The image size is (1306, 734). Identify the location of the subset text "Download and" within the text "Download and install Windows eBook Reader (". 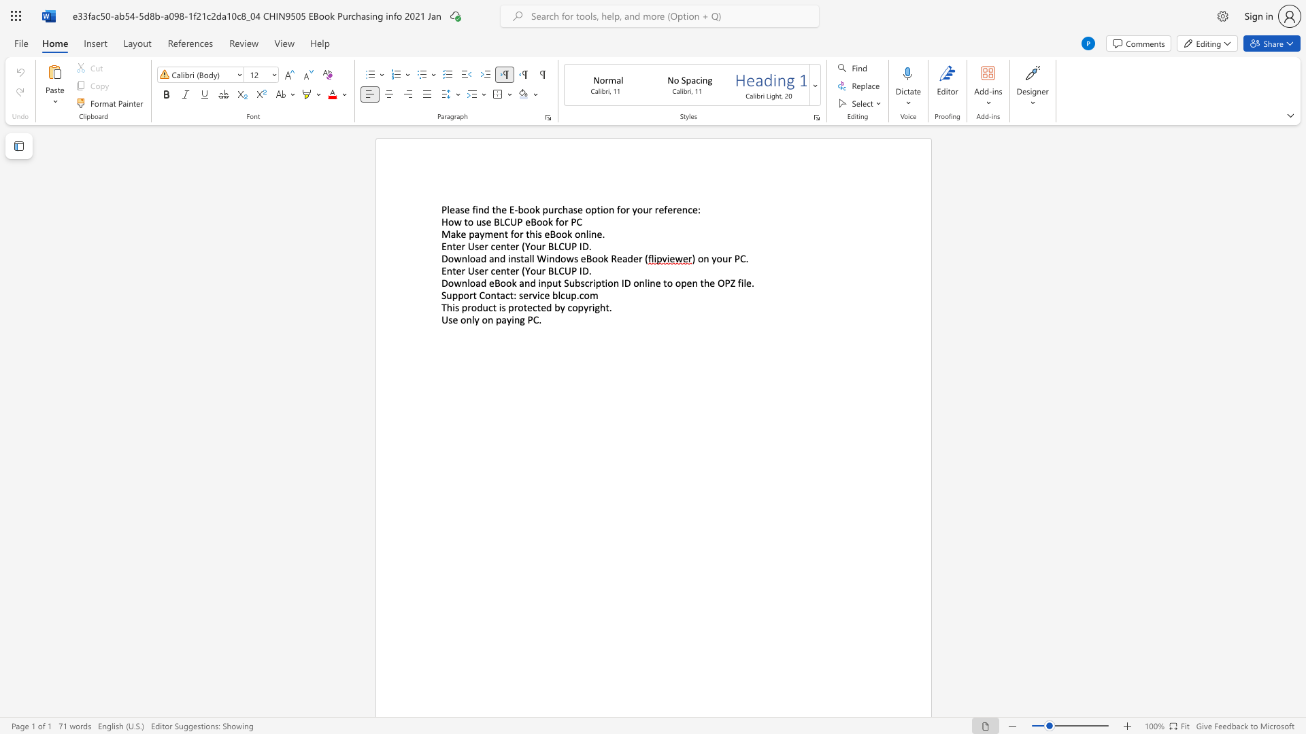
(441, 258).